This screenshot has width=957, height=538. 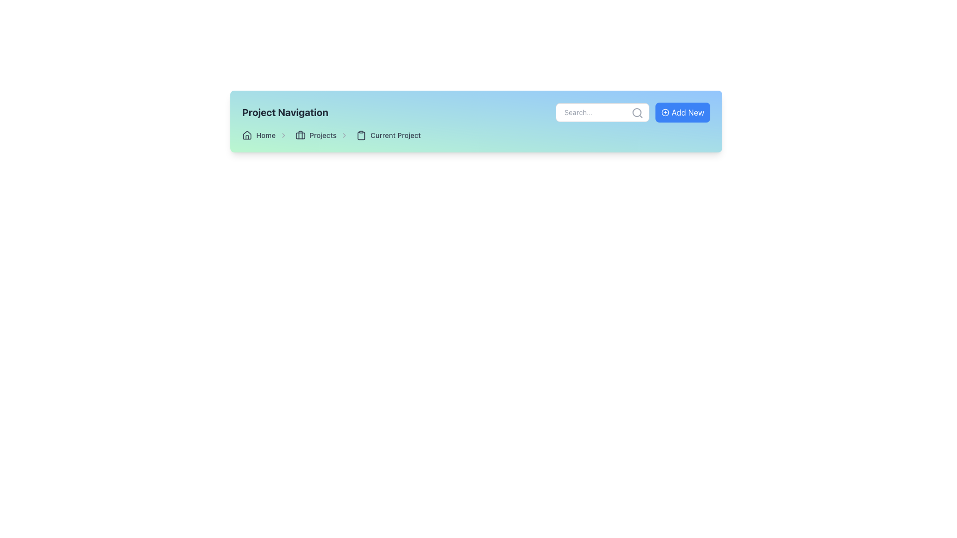 What do you see at coordinates (285, 112) in the screenshot?
I see `the Static Text Display element located in the top-left corner of the header section, which serves as a label or navigation title` at bounding box center [285, 112].